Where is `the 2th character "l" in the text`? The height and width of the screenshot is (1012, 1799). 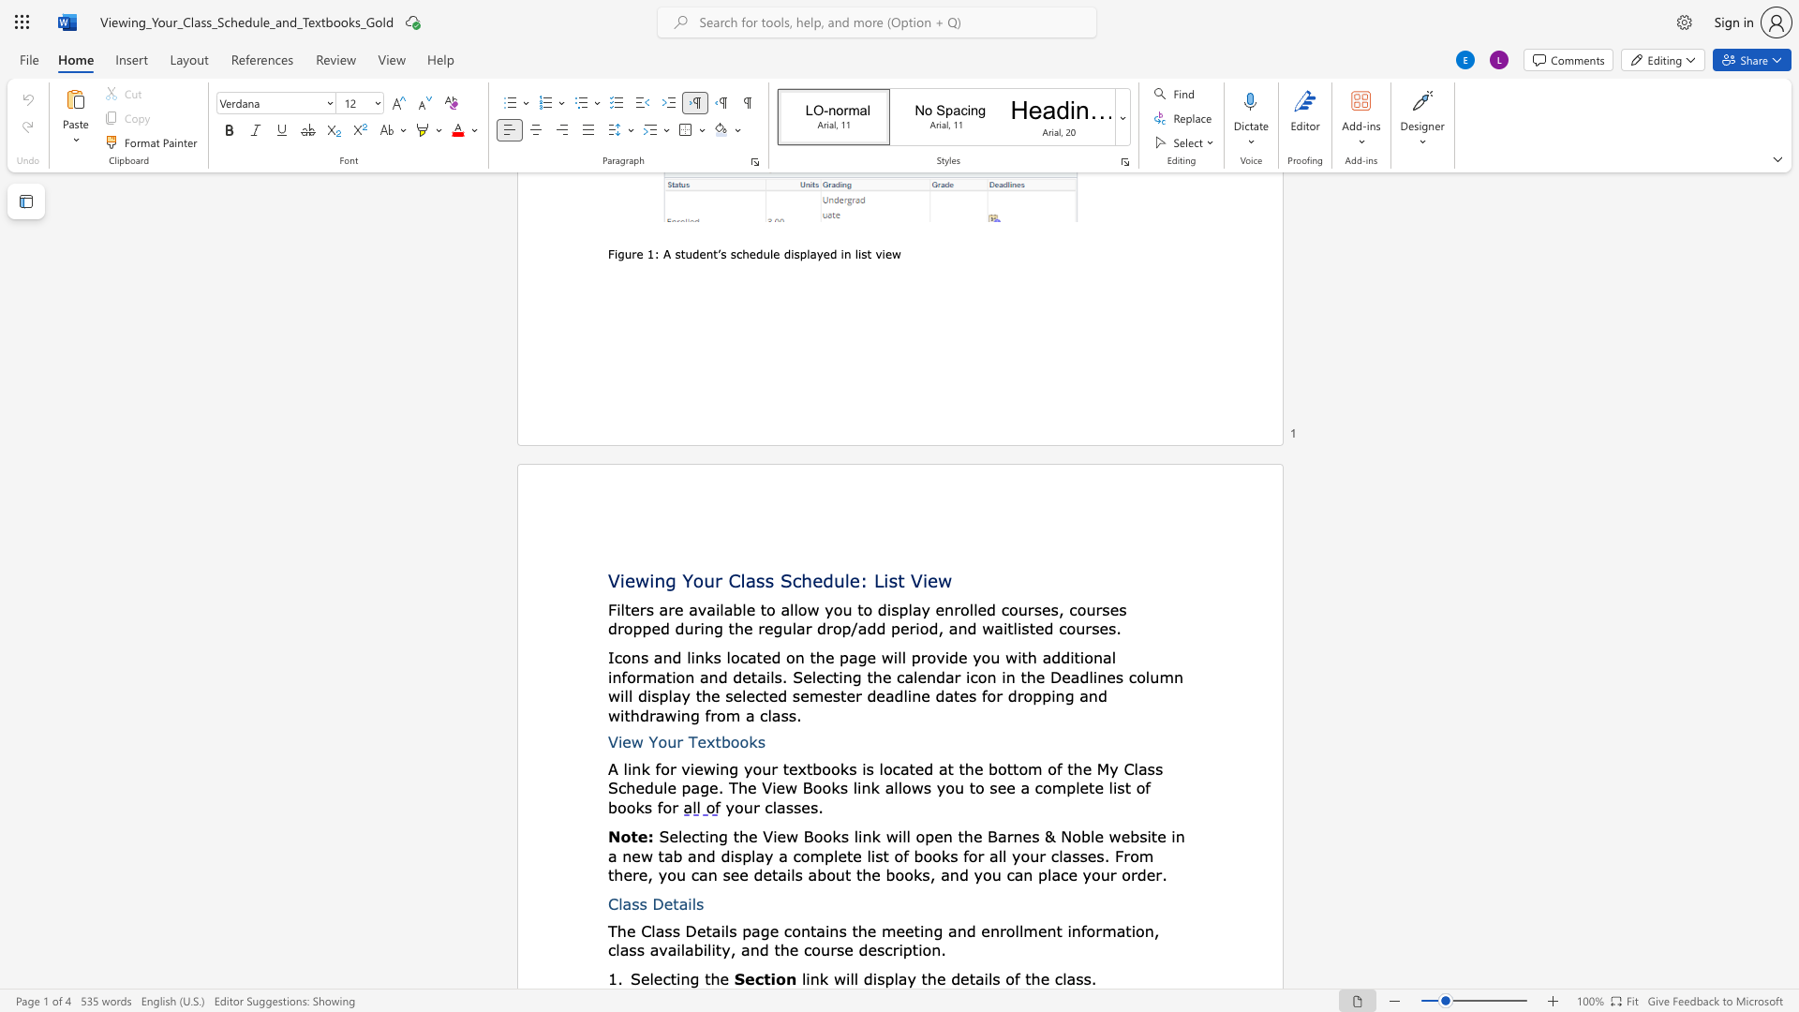 the 2th character "l" in the text is located at coordinates (851, 977).